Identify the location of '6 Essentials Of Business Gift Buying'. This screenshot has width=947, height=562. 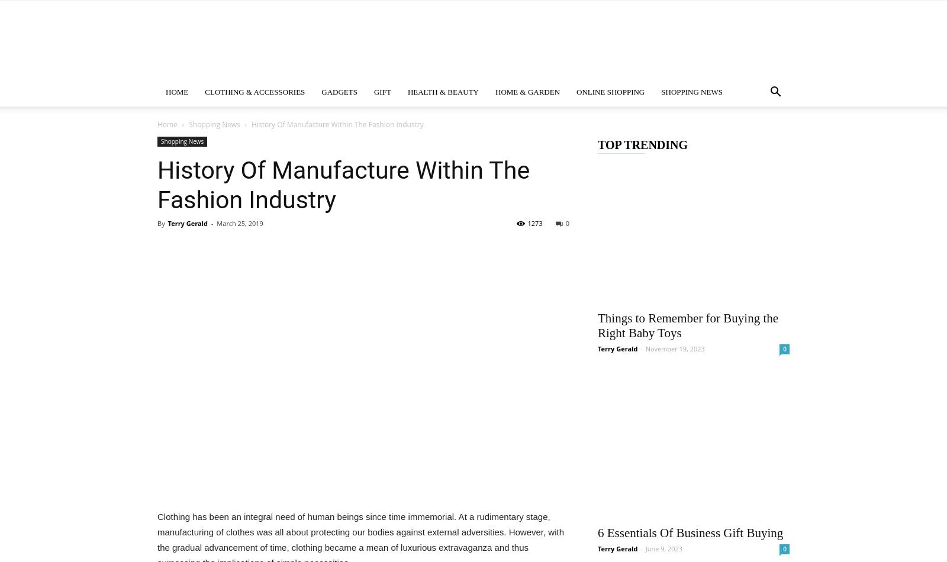
(597, 532).